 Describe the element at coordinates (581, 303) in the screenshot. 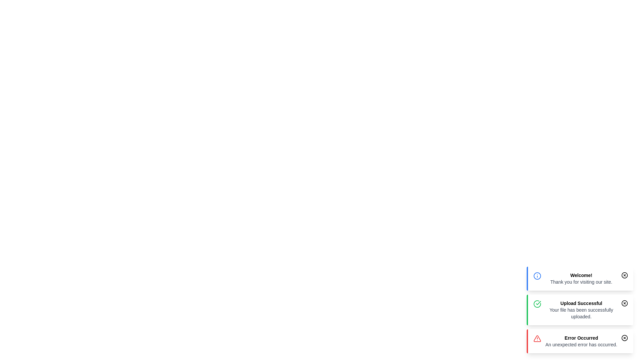

I see `displayed text from the main notification message located in the second notification card of three, which indicates a successful file upload` at that location.